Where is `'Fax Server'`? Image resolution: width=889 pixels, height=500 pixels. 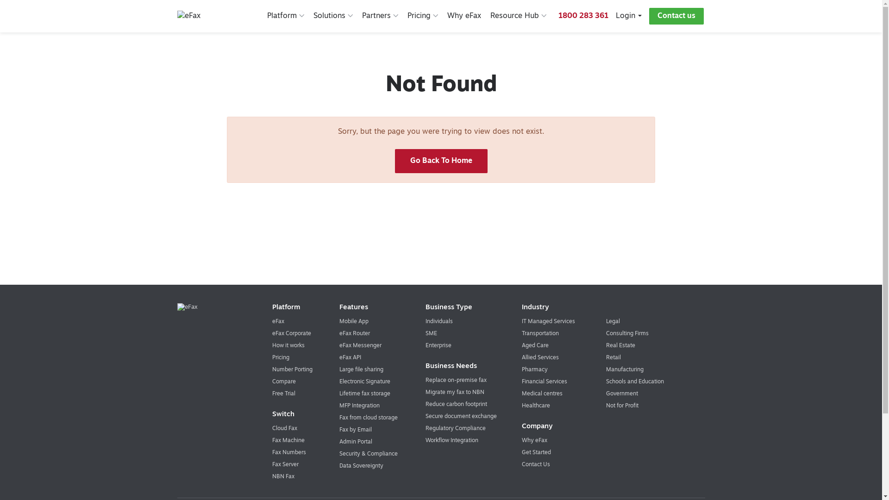
'Fax Server' is located at coordinates (285, 464).